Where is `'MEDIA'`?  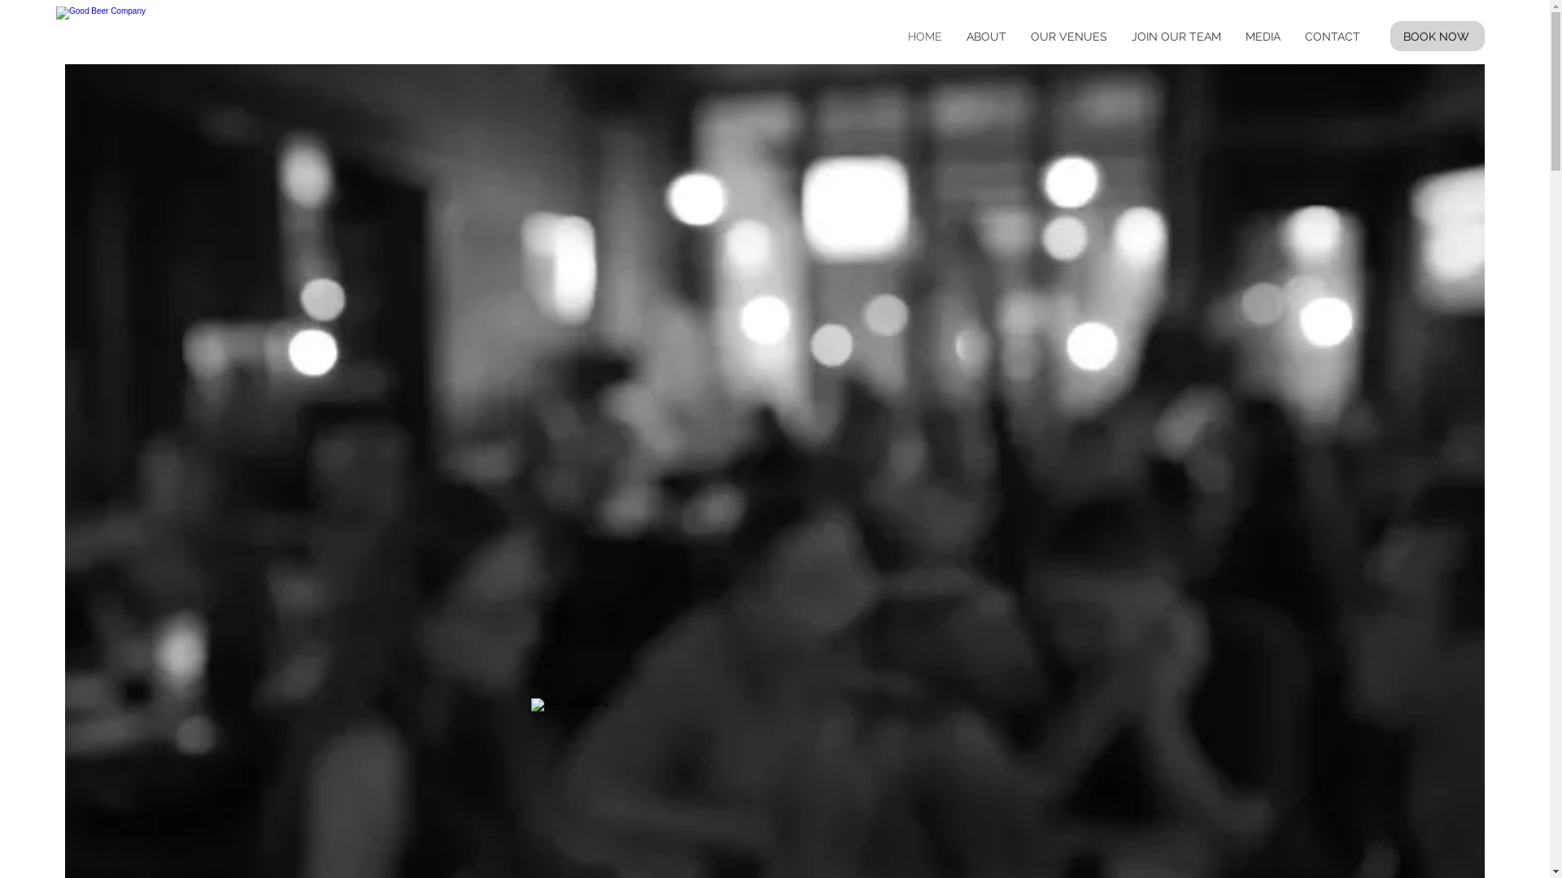
'MEDIA' is located at coordinates (1262, 37).